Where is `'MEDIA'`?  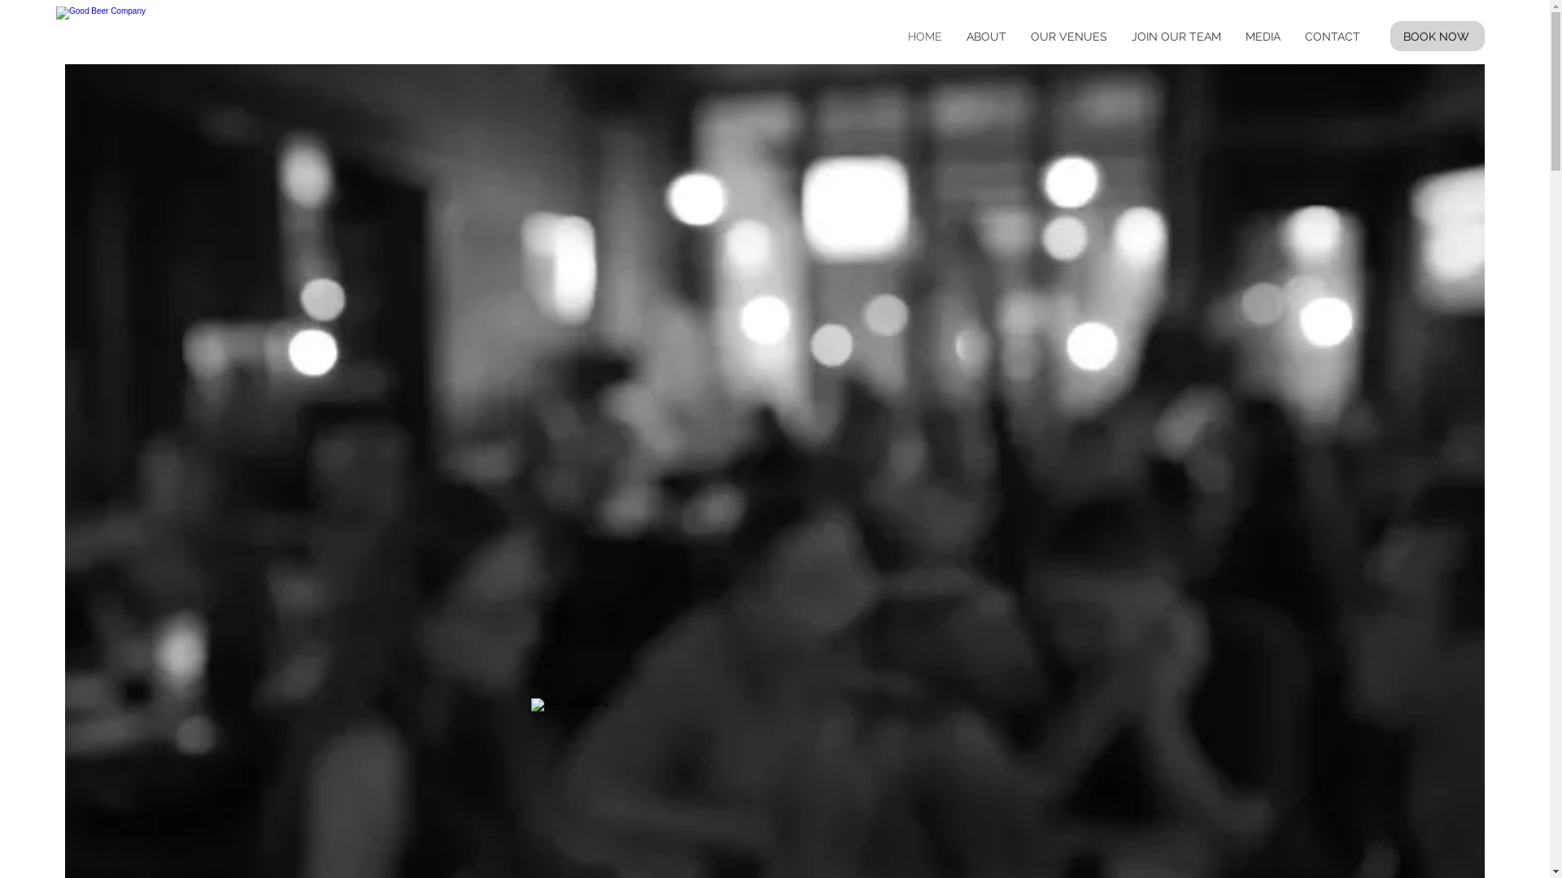
'MEDIA' is located at coordinates (1262, 37).